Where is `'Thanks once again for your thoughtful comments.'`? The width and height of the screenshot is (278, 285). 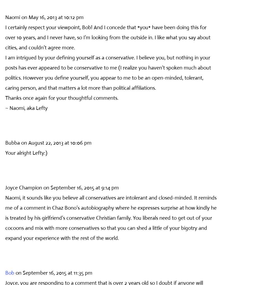 'Thanks once again for your thoughtful comments.' is located at coordinates (62, 97).